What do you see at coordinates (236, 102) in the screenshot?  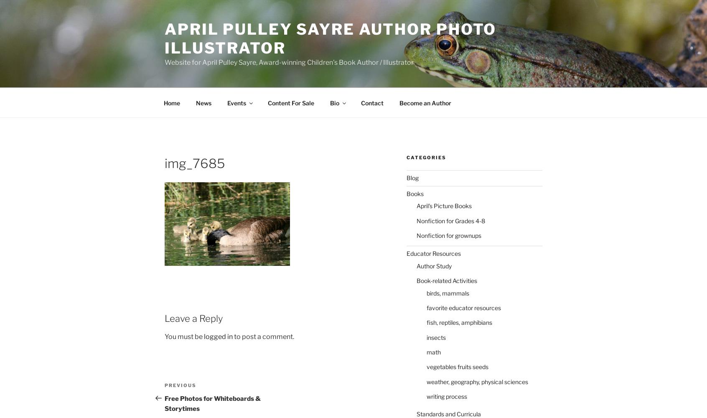 I see `'Events'` at bounding box center [236, 102].